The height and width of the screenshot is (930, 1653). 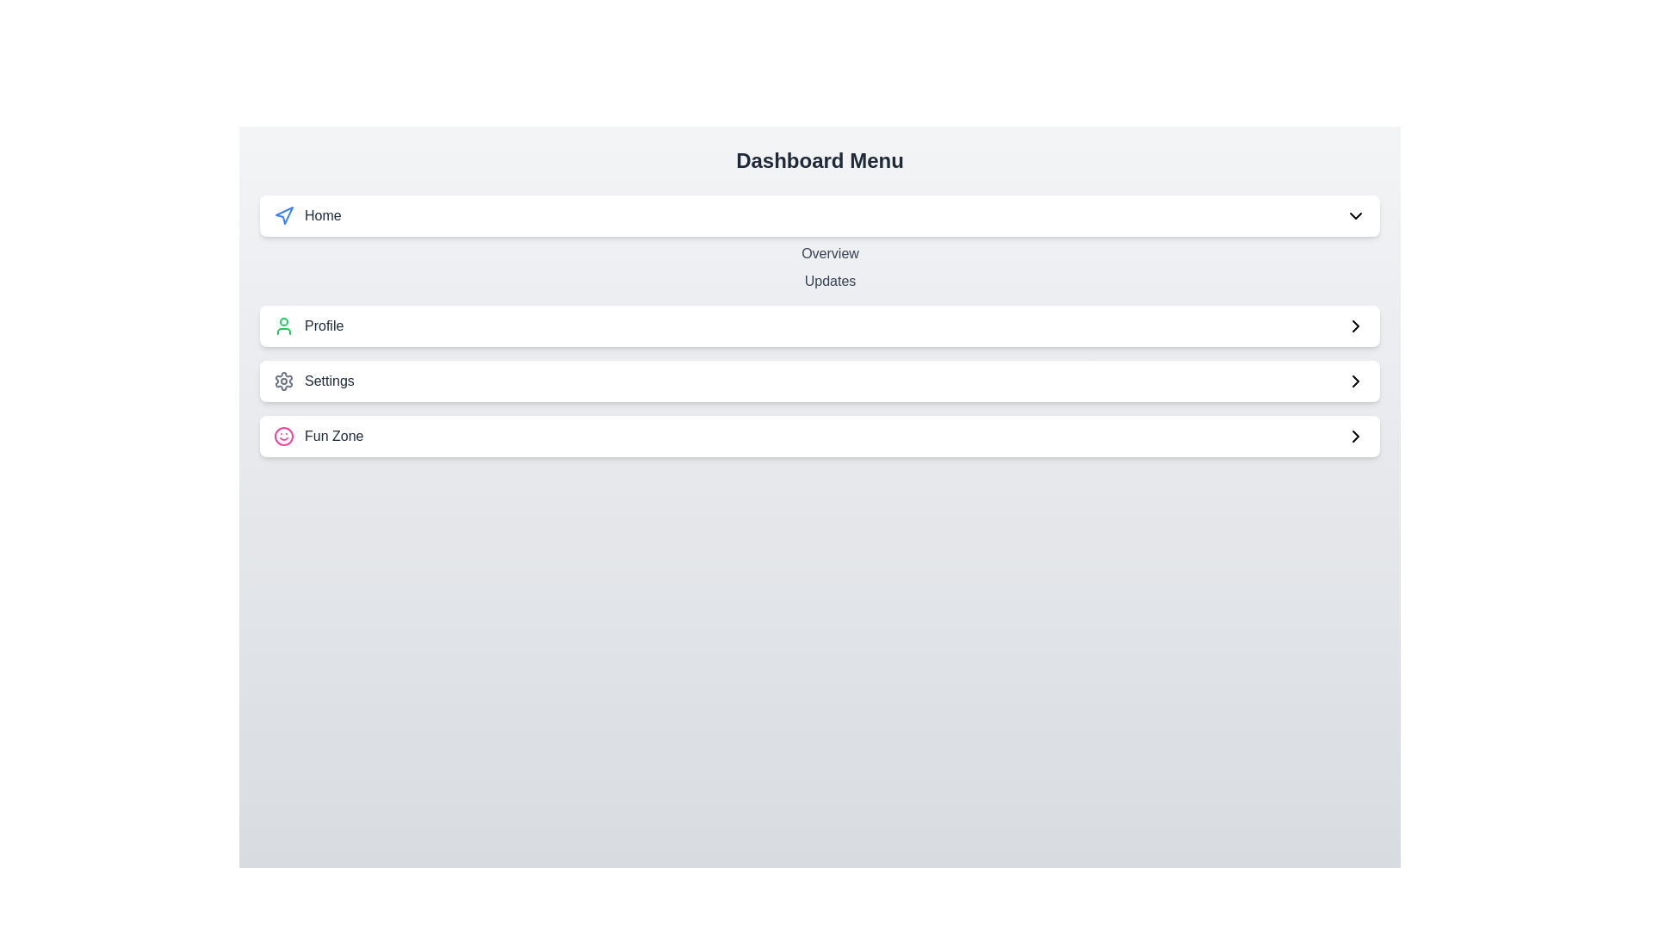 I want to click on the 'Updates' text label, which is positioned directly below the 'Overview' text label in the menu section, so click(x=830, y=281).